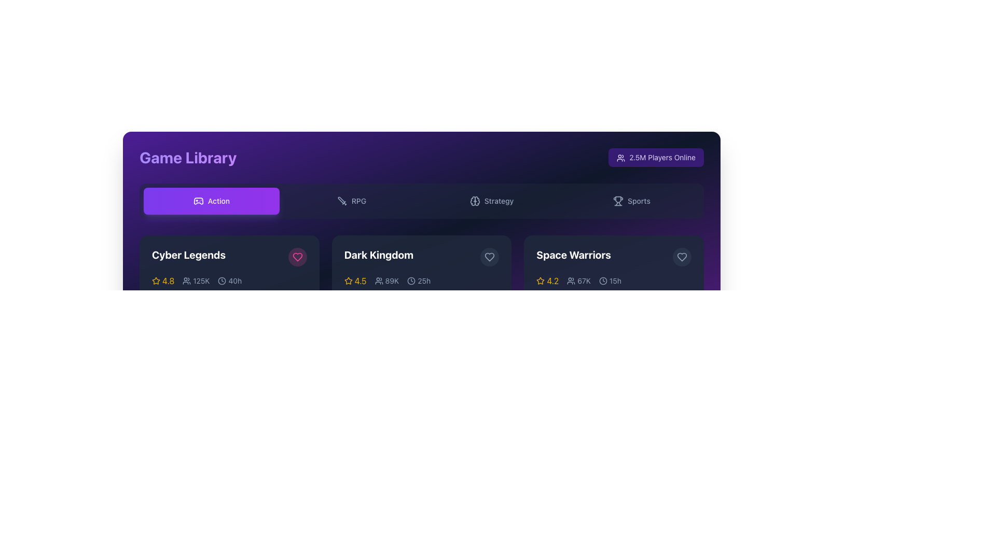  What do you see at coordinates (297, 257) in the screenshot?
I see `the favorite button, which is a heart icon located at the top-right corner of the 'Cyber Legends' game card` at bounding box center [297, 257].